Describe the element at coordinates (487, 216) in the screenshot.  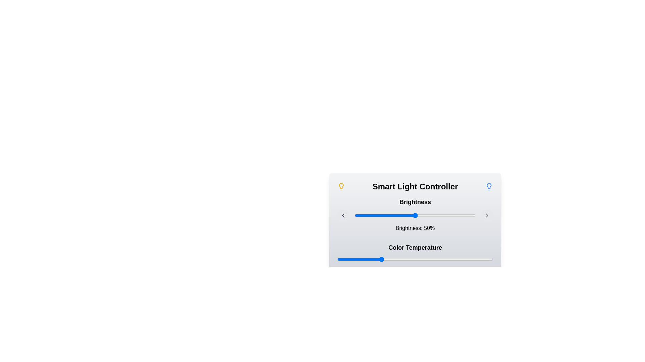
I see `the right-facing chevron icon located in the circular button at the top-right corner of the 'Smart Light Controller' interface` at that location.